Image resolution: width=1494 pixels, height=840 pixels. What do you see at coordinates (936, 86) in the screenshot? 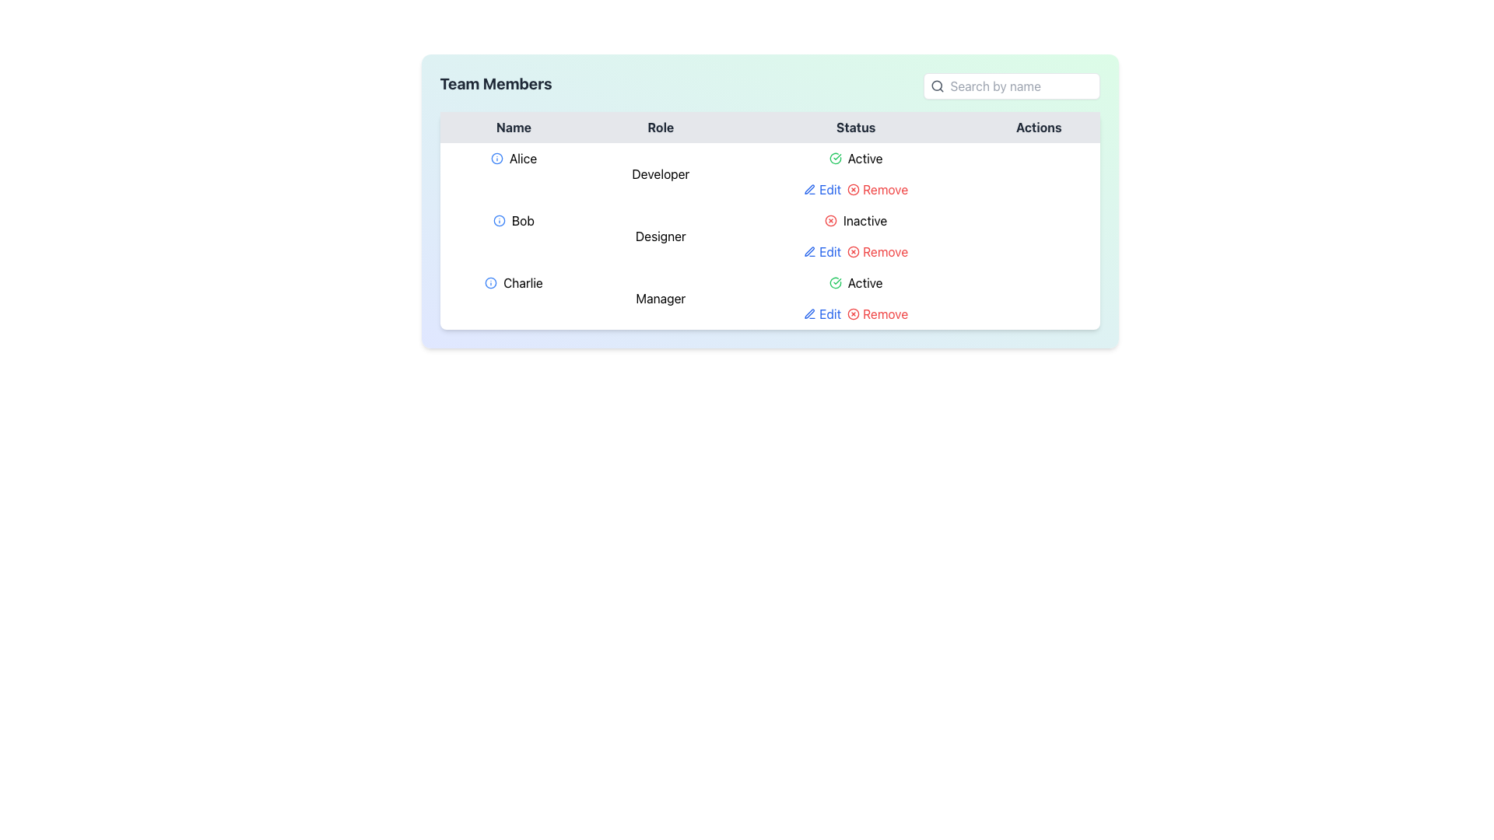
I see `the search icon, which is a magnifying glass located in the upper right region of the interface, within the search bar` at bounding box center [936, 86].